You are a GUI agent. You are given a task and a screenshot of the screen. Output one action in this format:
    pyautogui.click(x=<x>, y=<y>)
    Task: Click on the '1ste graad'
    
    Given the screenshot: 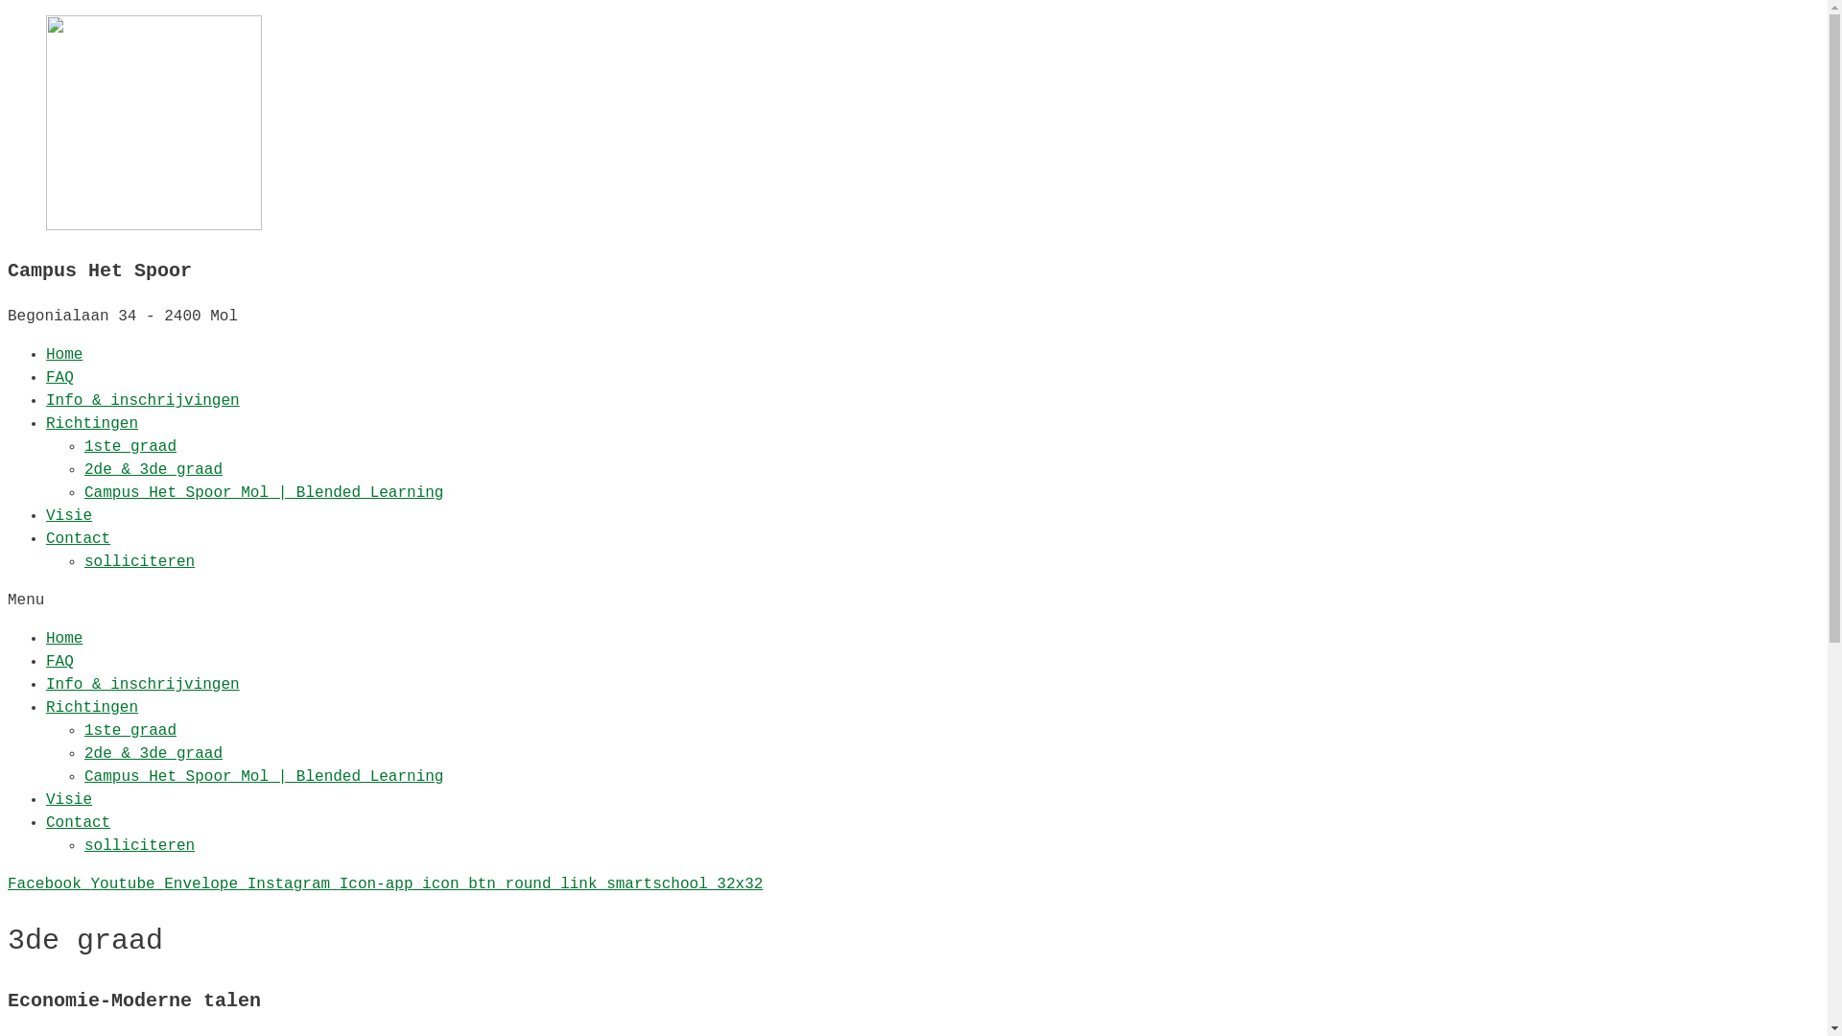 What is the action you would take?
    pyautogui.click(x=129, y=731)
    